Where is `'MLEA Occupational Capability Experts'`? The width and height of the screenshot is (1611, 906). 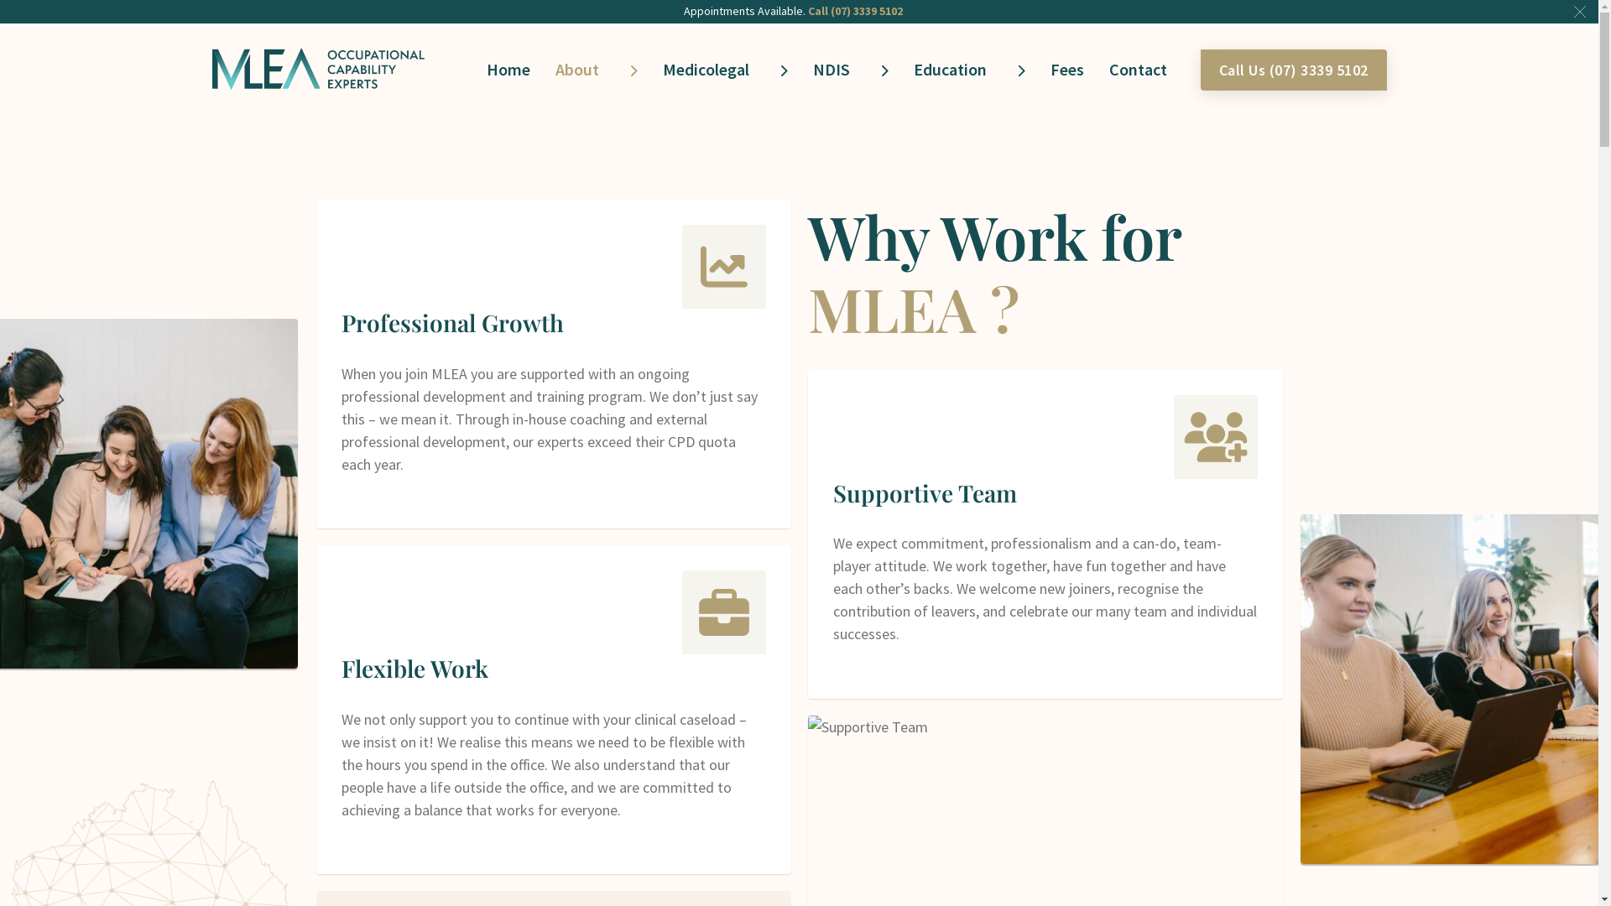
'MLEA Occupational Capability Experts' is located at coordinates (319, 66).